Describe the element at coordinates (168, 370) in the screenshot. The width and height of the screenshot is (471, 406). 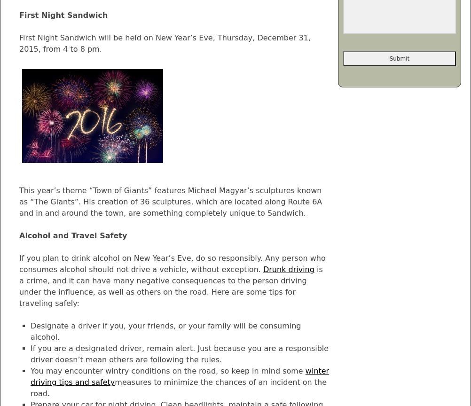
I see `'You may encounter wintry conditions on the road, so keep in mind some'` at that location.